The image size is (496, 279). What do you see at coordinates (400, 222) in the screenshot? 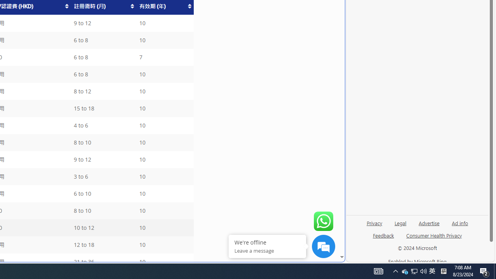
I see `'Legal'` at bounding box center [400, 222].